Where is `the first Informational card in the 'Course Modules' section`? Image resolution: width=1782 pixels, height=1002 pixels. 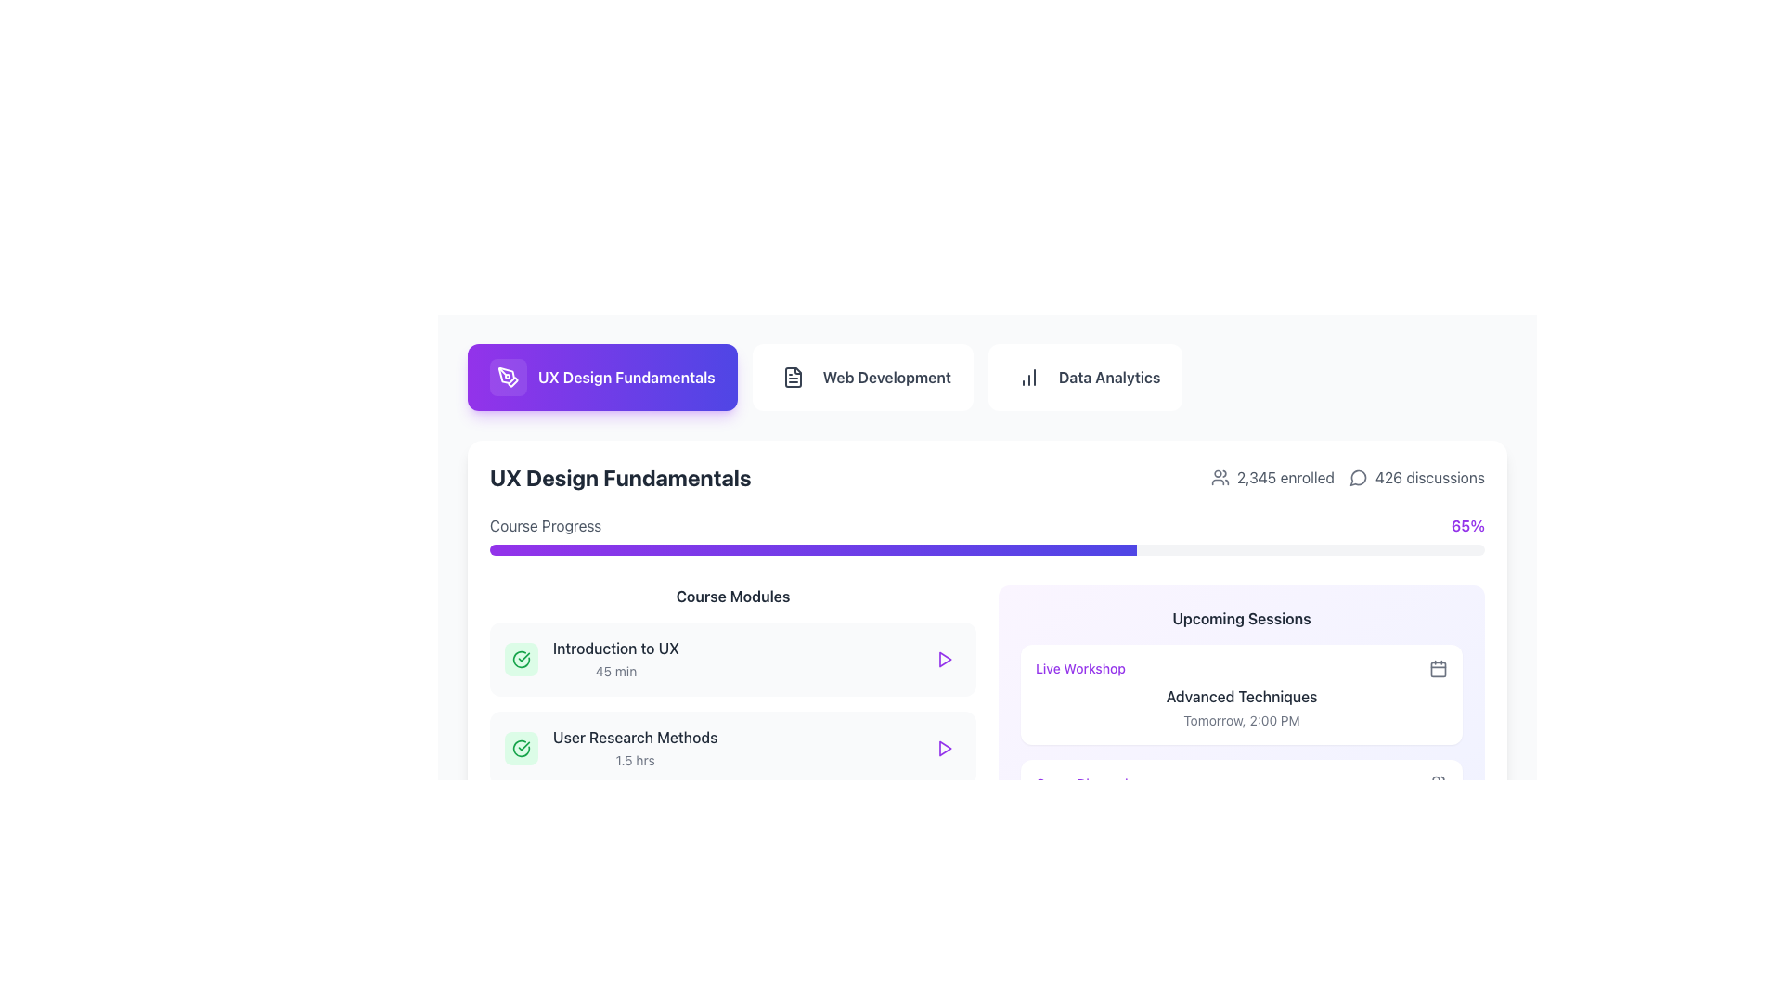 the first Informational card in the 'Course Modules' section is located at coordinates (732, 658).